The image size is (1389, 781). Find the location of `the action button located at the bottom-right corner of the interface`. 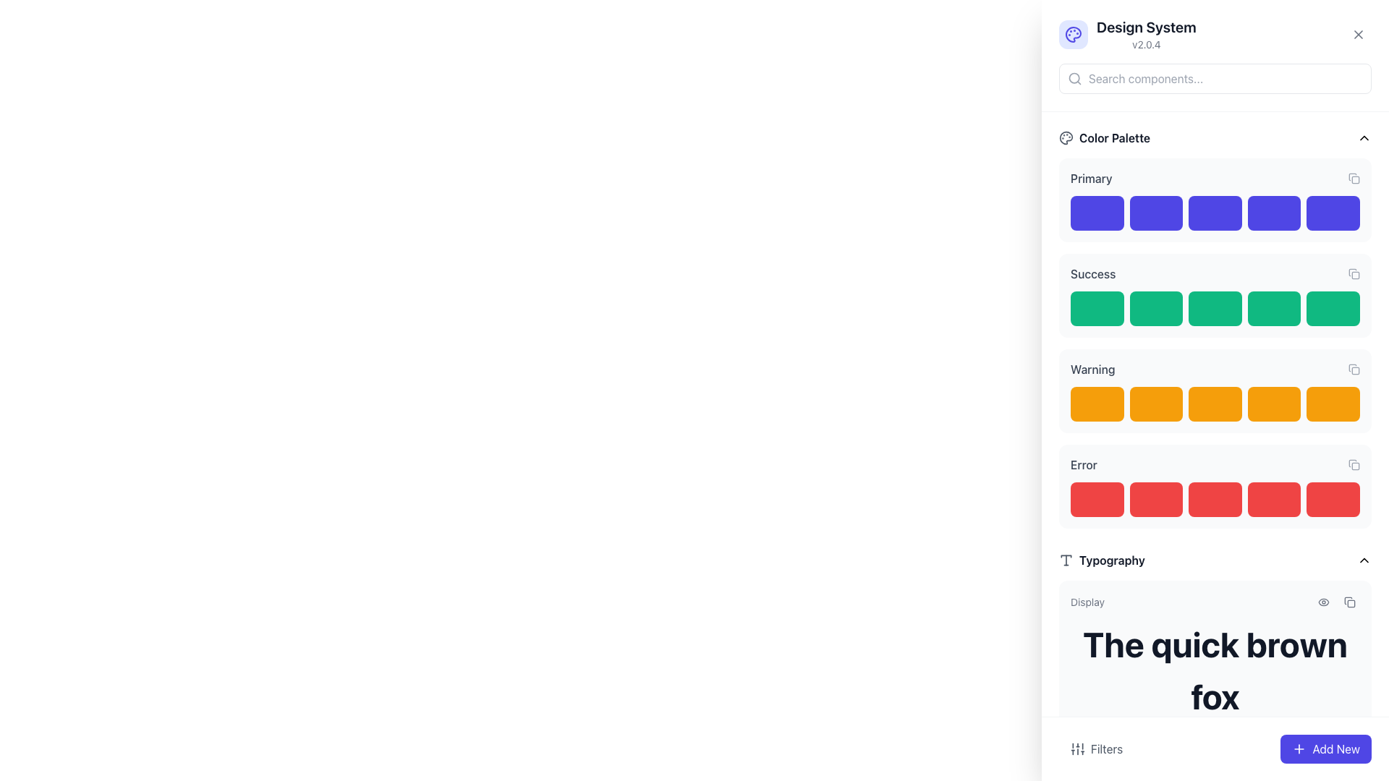

the action button located at the bottom-right corner of the interface is located at coordinates (1335, 748).